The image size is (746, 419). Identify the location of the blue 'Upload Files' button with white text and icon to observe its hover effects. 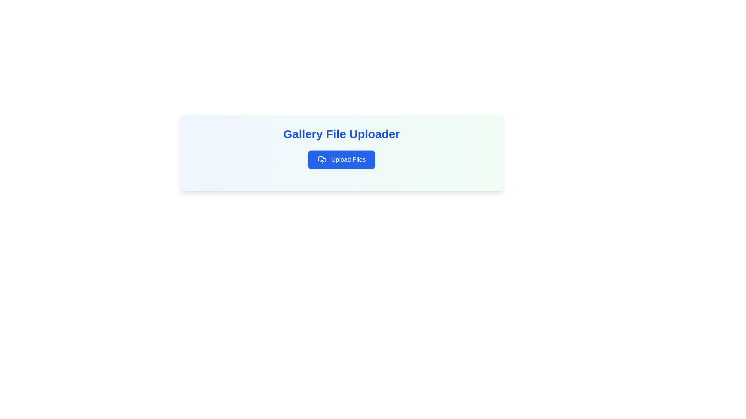
(341, 159).